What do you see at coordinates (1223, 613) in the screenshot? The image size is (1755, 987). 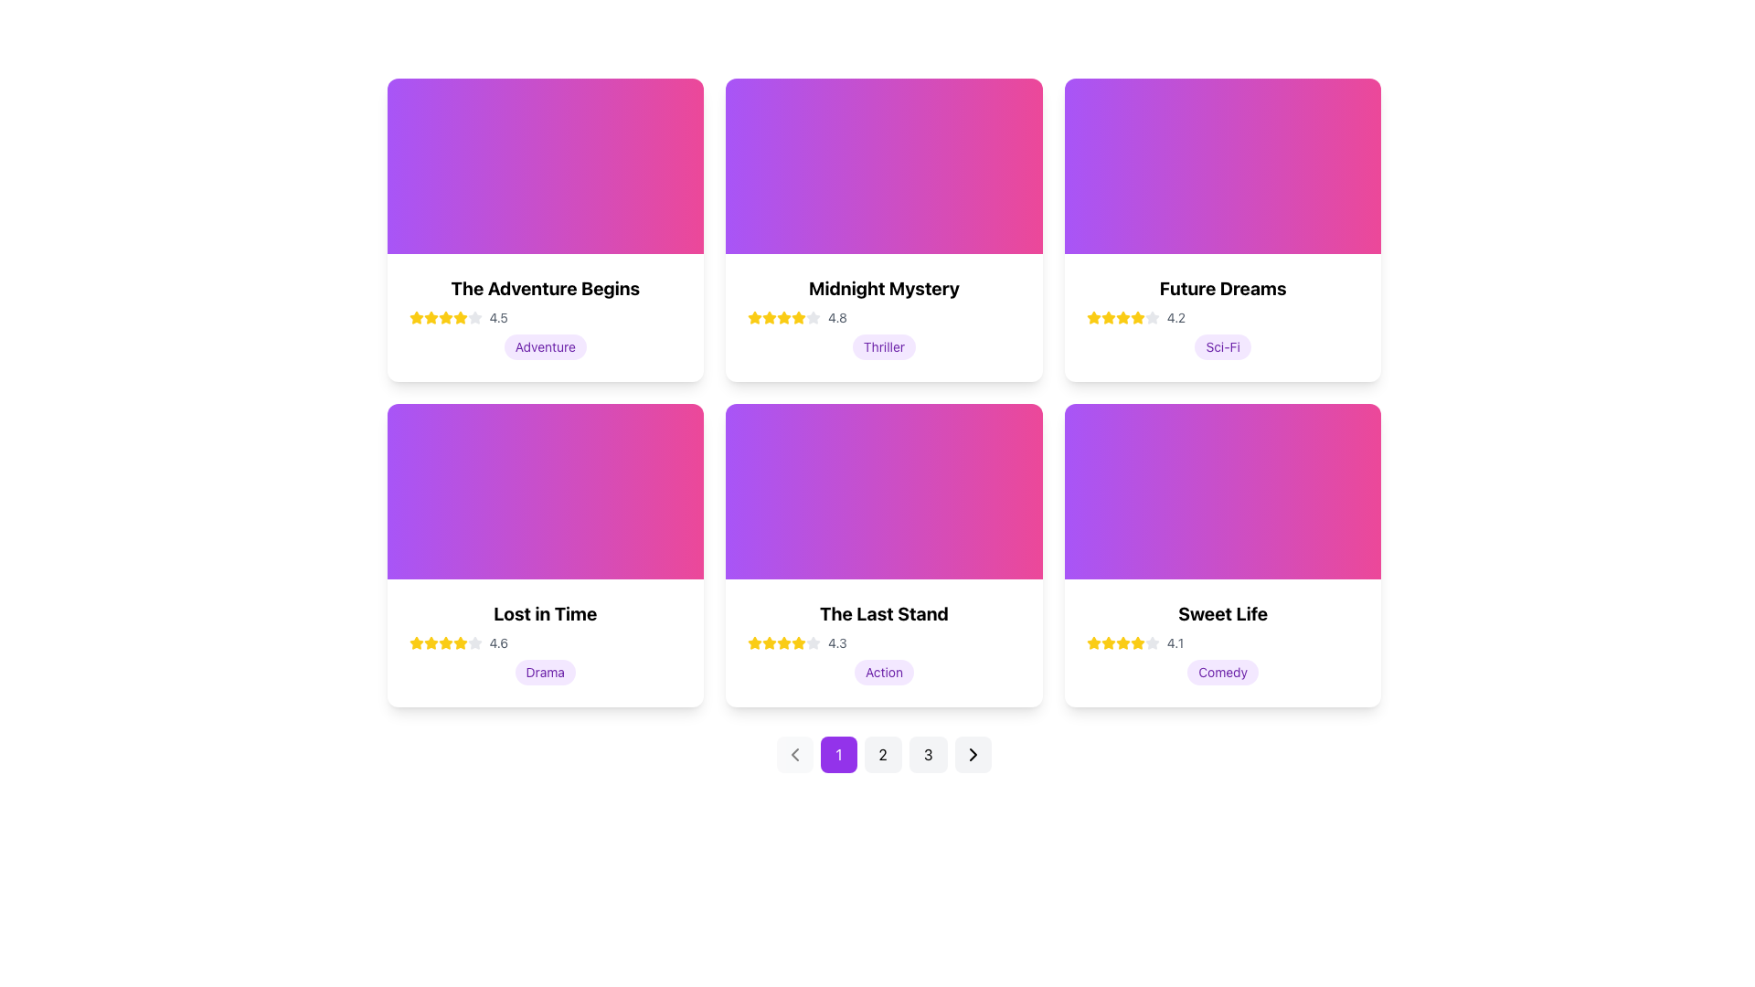 I see `the title text displaying 'Sweet Life', which is styled in a bold font and located at the top of a card` at bounding box center [1223, 613].